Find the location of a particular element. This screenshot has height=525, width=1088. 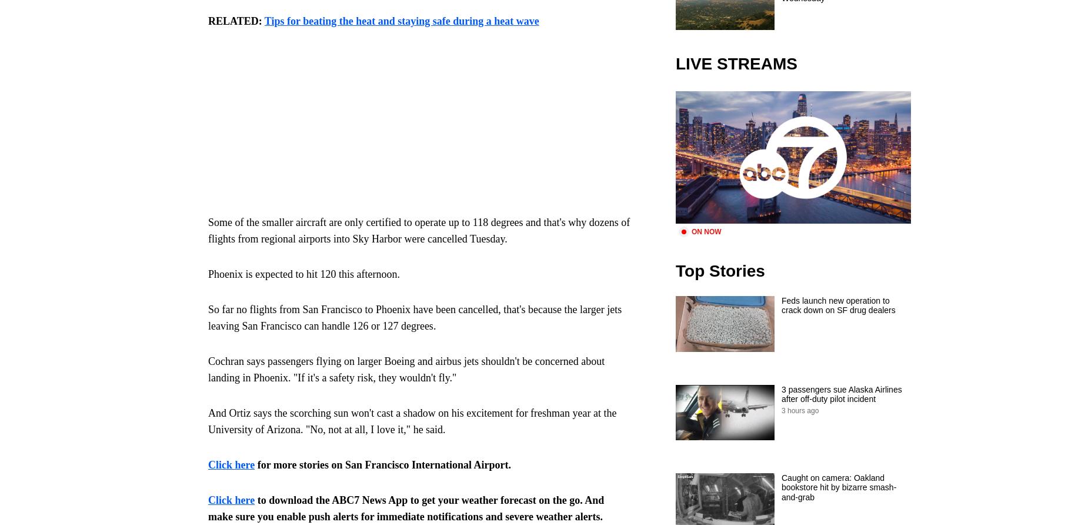

'RELATED:' is located at coordinates (208, 21).